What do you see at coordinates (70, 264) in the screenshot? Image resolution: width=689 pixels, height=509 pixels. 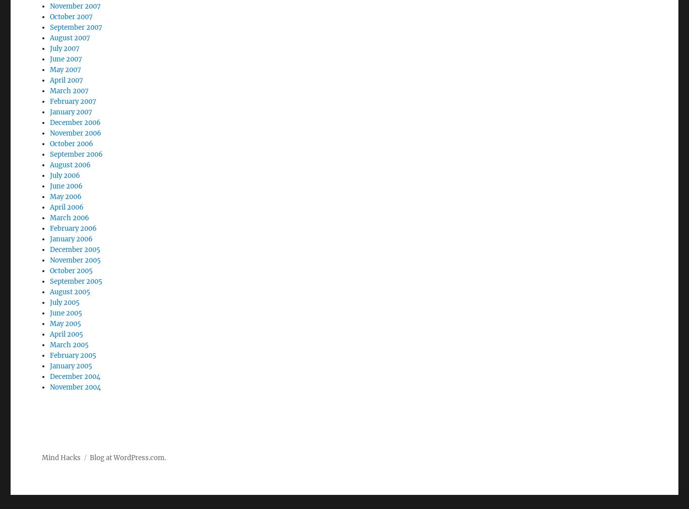 I see `'August 2005'` at bounding box center [70, 264].